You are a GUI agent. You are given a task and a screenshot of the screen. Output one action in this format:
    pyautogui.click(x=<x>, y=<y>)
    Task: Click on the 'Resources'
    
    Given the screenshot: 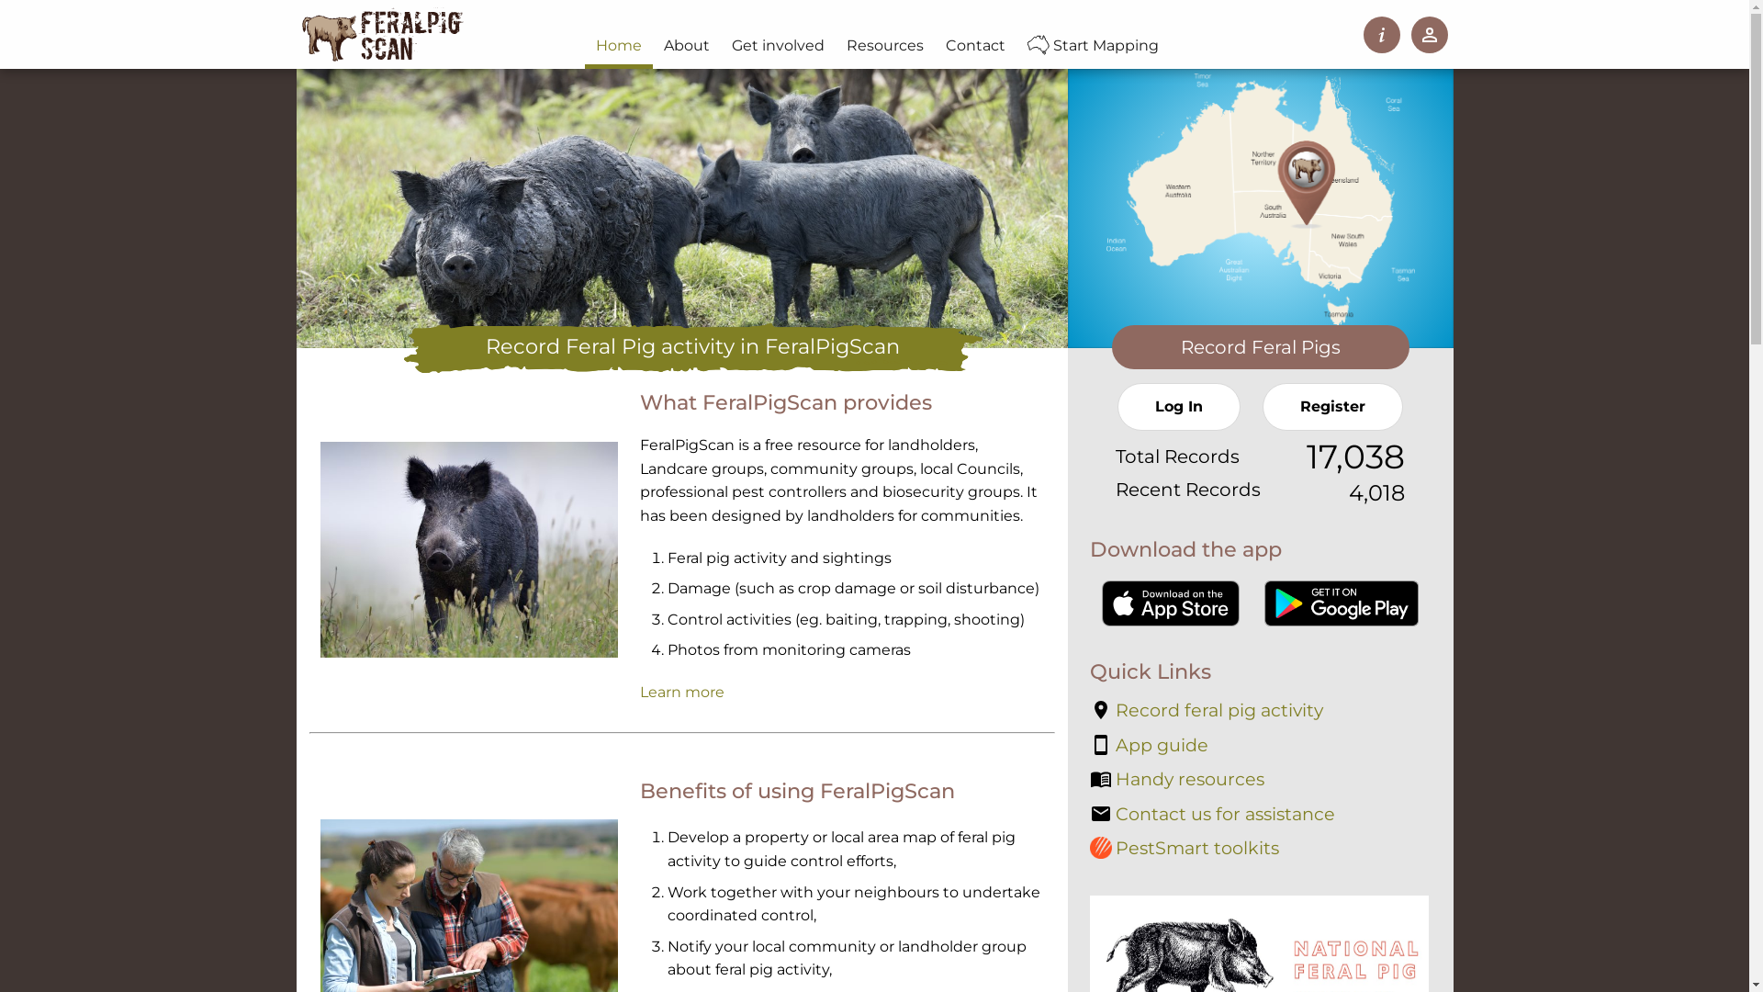 What is the action you would take?
    pyautogui.click(x=885, y=45)
    